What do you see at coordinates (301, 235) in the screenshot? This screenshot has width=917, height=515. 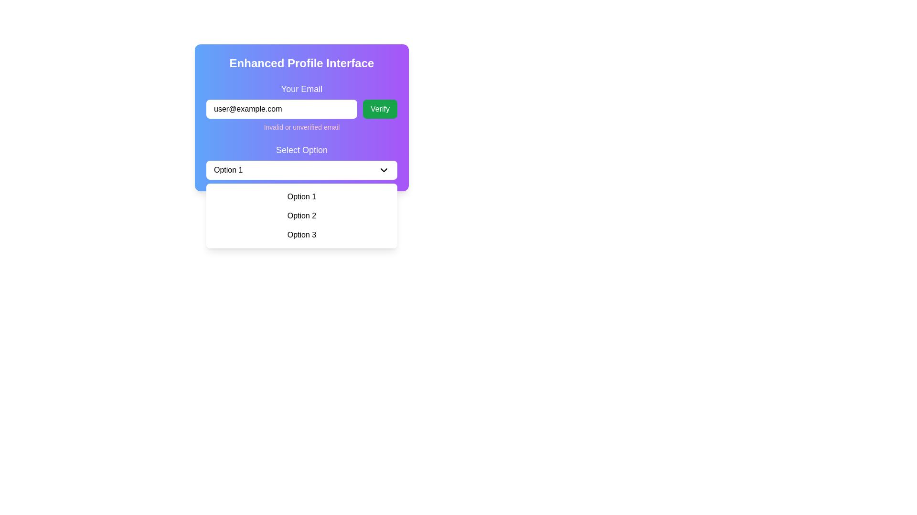 I see `the third option in the dropdown menu` at bounding box center [301, 235].